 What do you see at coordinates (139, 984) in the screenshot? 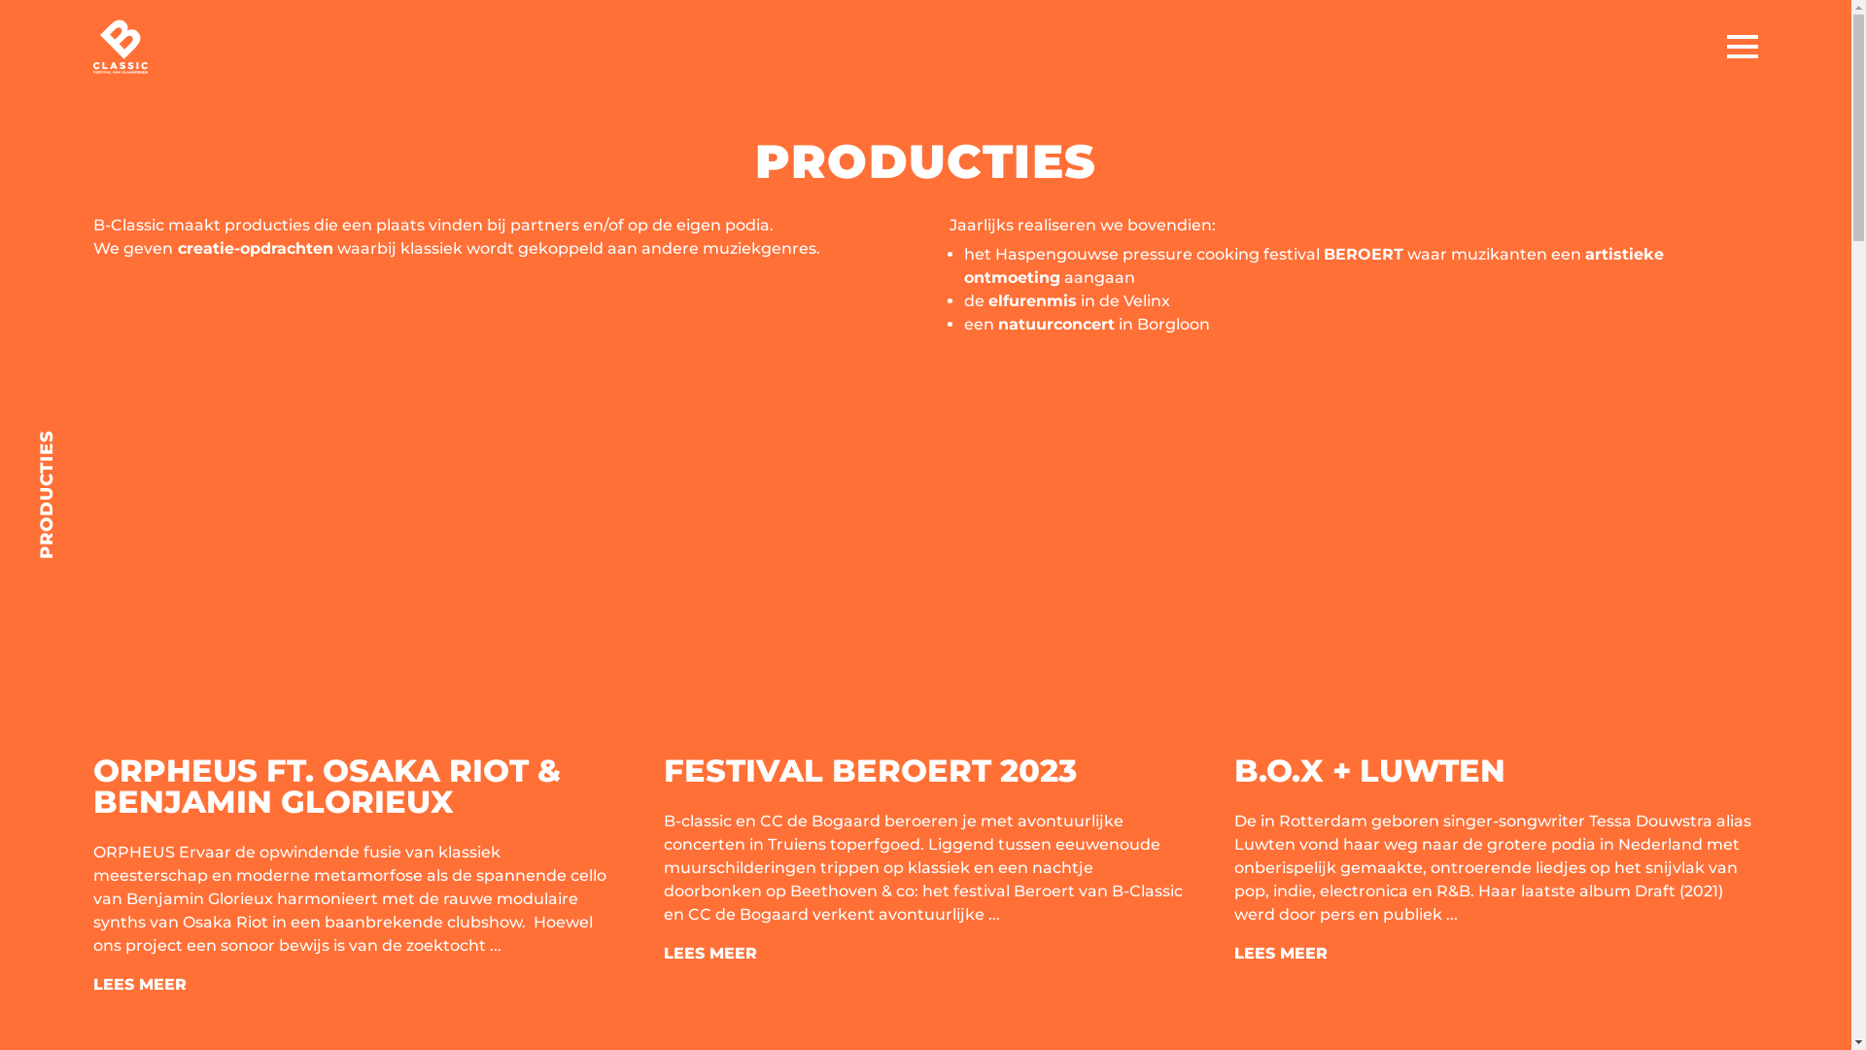
I see `'LEES MEER'` at bounding box center [139, 984].